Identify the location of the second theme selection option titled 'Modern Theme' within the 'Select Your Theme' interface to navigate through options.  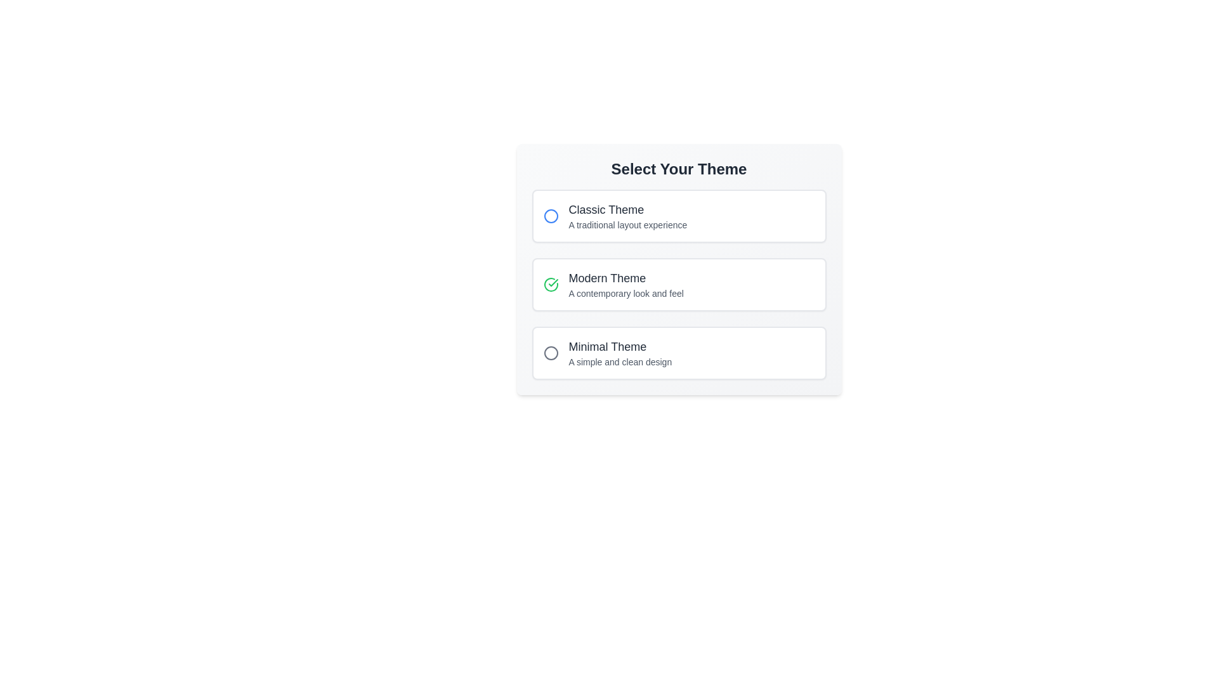
(678, 284).